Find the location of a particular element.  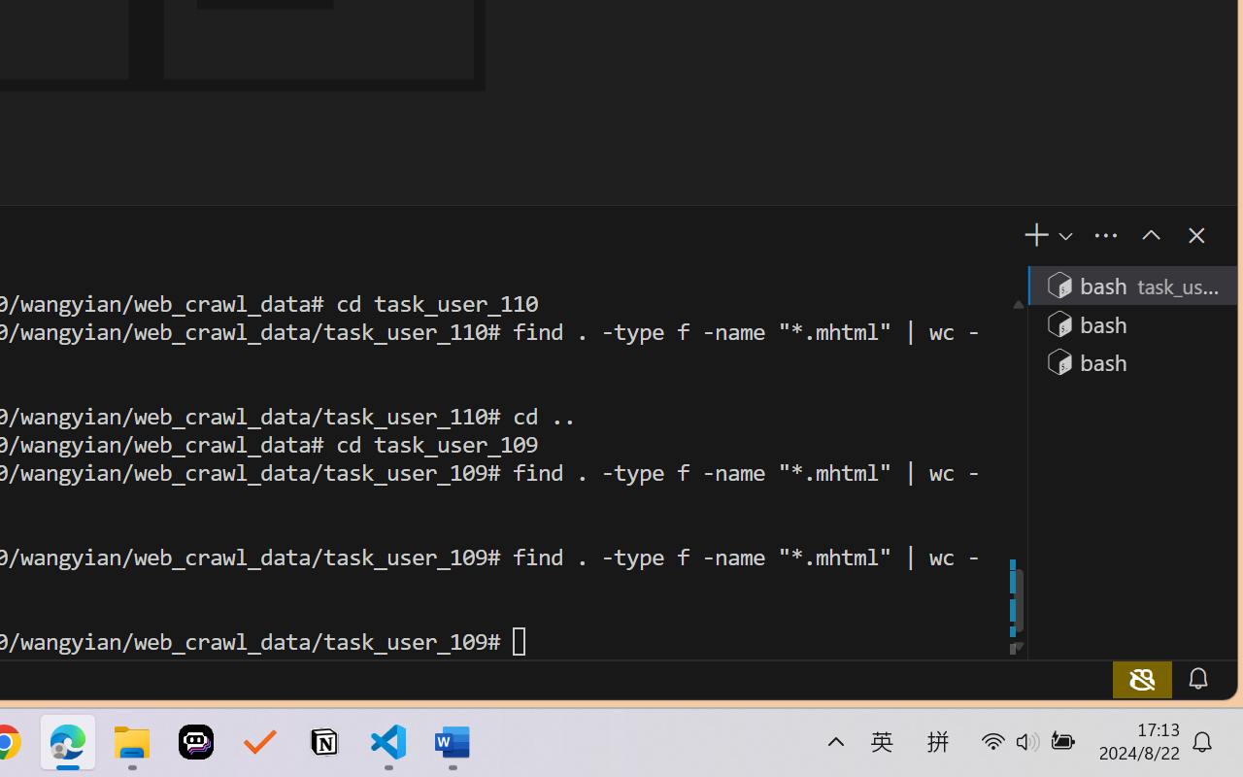

'Close Panel' is located at coordinates (1193, 234).